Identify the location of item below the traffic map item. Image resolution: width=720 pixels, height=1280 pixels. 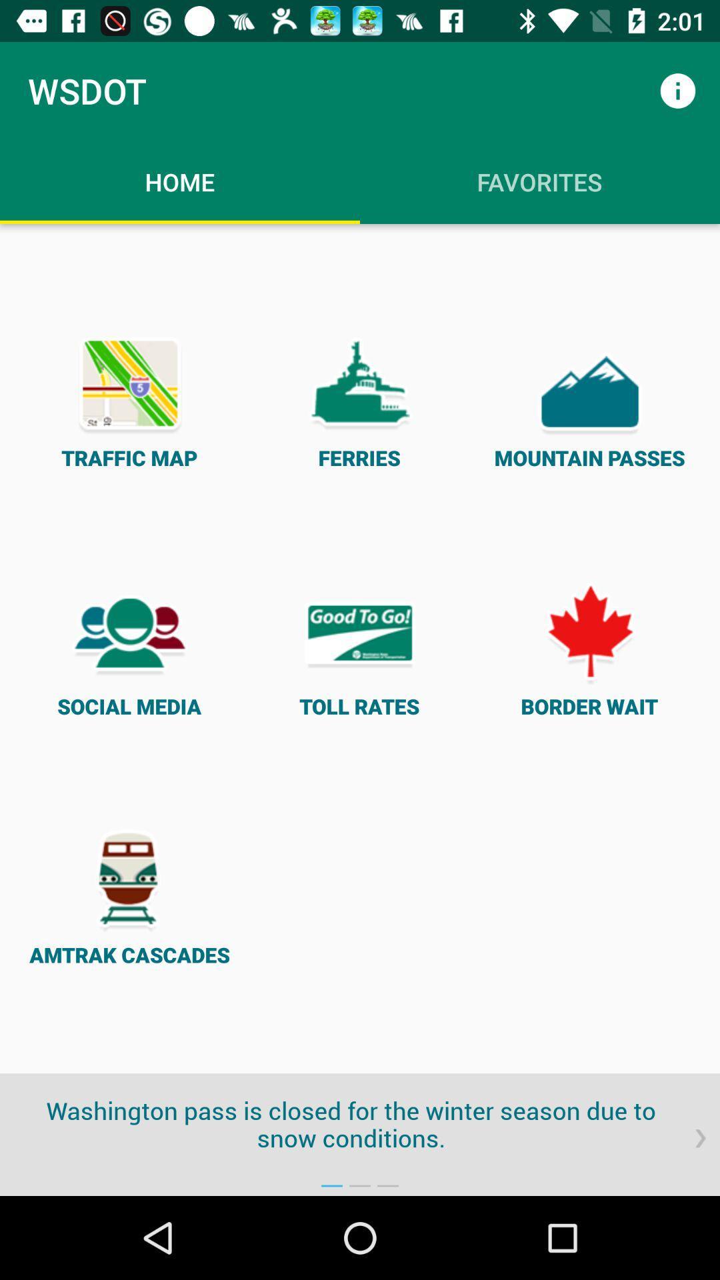
(129, 649).